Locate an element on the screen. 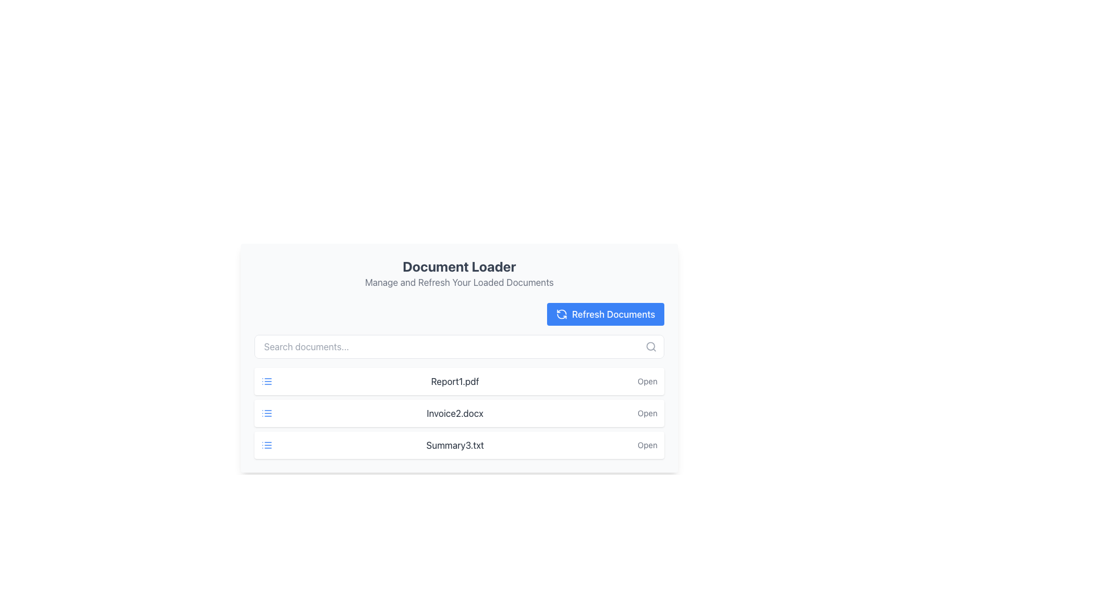 The height and width of the screenshot is (615, 1093). the action button icon associated with the document 'Report1.pdf' located at the leftmost side of its row in the document list is located at coordinates (266, 382).